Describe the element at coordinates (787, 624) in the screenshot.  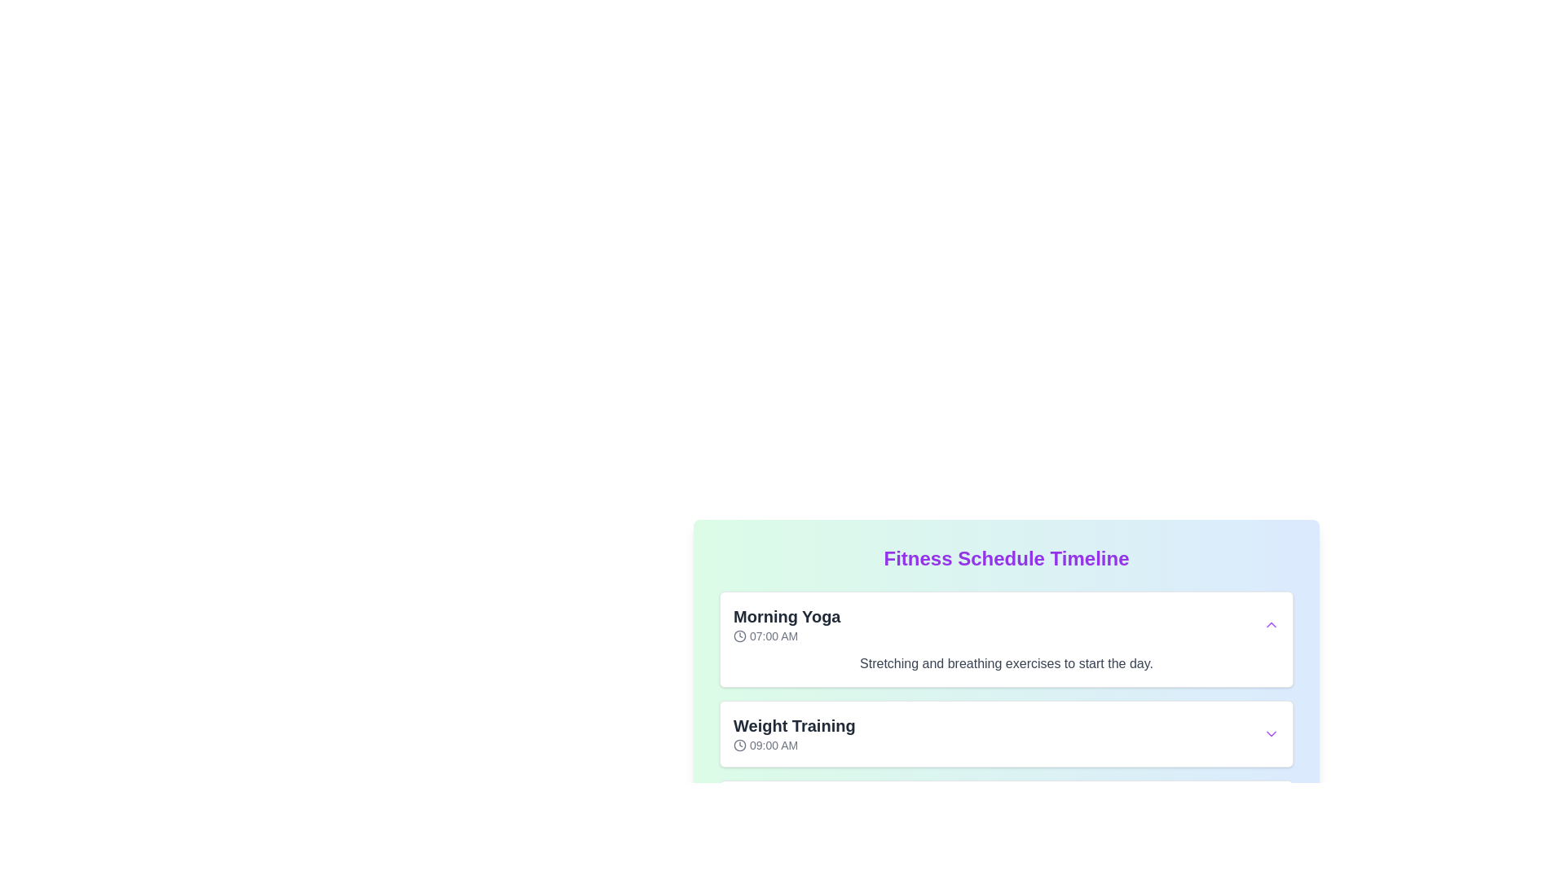
I see `the 'Morning Yoga' text block with icon` at that location.